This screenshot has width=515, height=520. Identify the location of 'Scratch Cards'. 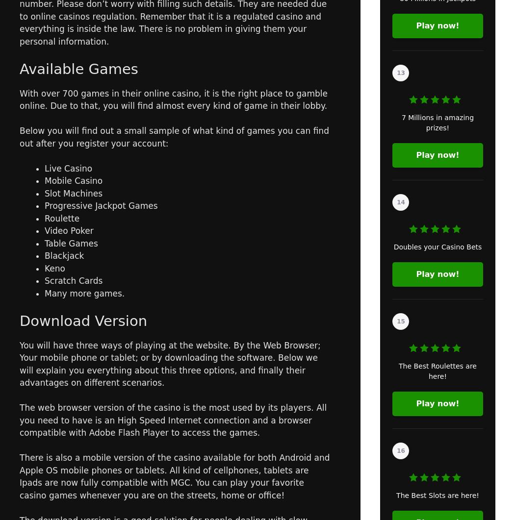
(74, 280).